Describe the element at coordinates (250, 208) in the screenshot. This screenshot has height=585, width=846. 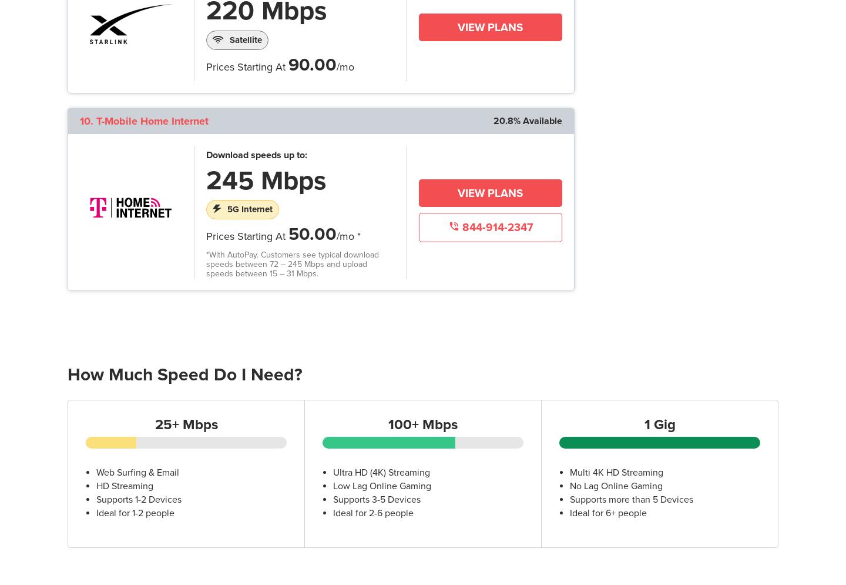
I see `'5G Internet'` at that location.